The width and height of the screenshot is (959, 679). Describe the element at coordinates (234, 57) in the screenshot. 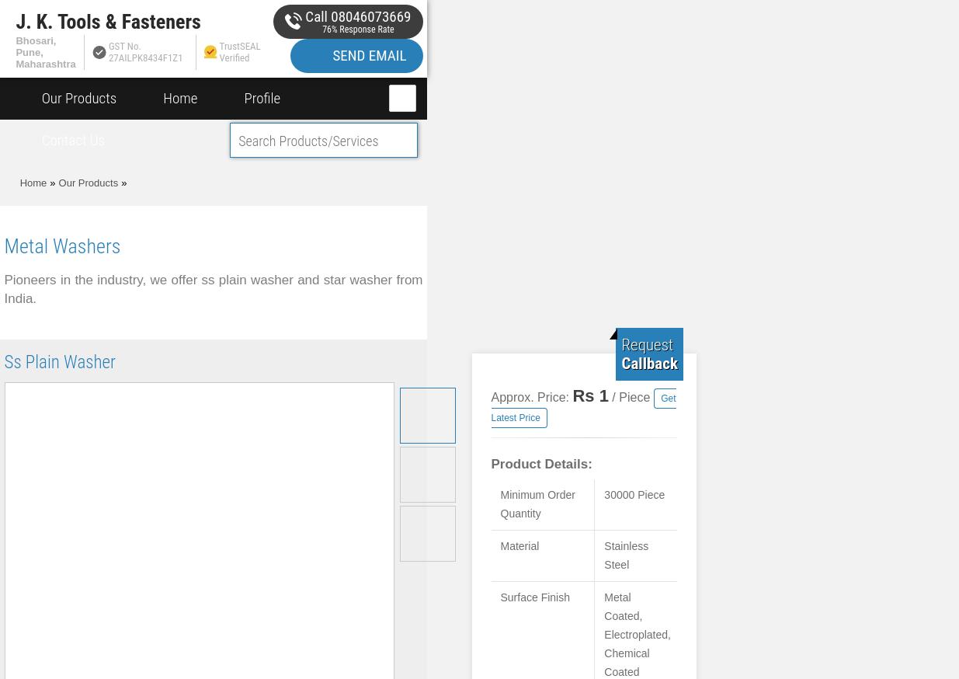

I see `'Verified'` at that location.